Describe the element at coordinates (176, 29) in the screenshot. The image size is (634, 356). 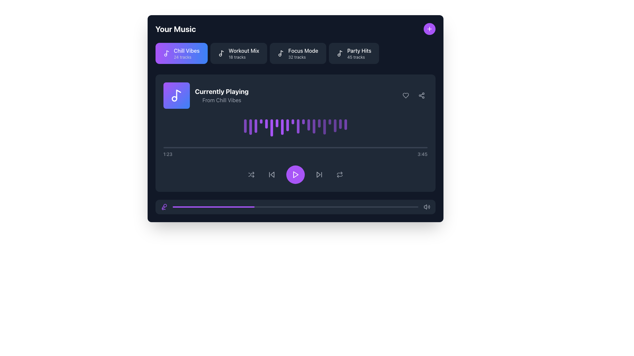
I see `the text label displaying 'Your Music' in bold white font, positioned at the upper-left corner of the view` at that location.